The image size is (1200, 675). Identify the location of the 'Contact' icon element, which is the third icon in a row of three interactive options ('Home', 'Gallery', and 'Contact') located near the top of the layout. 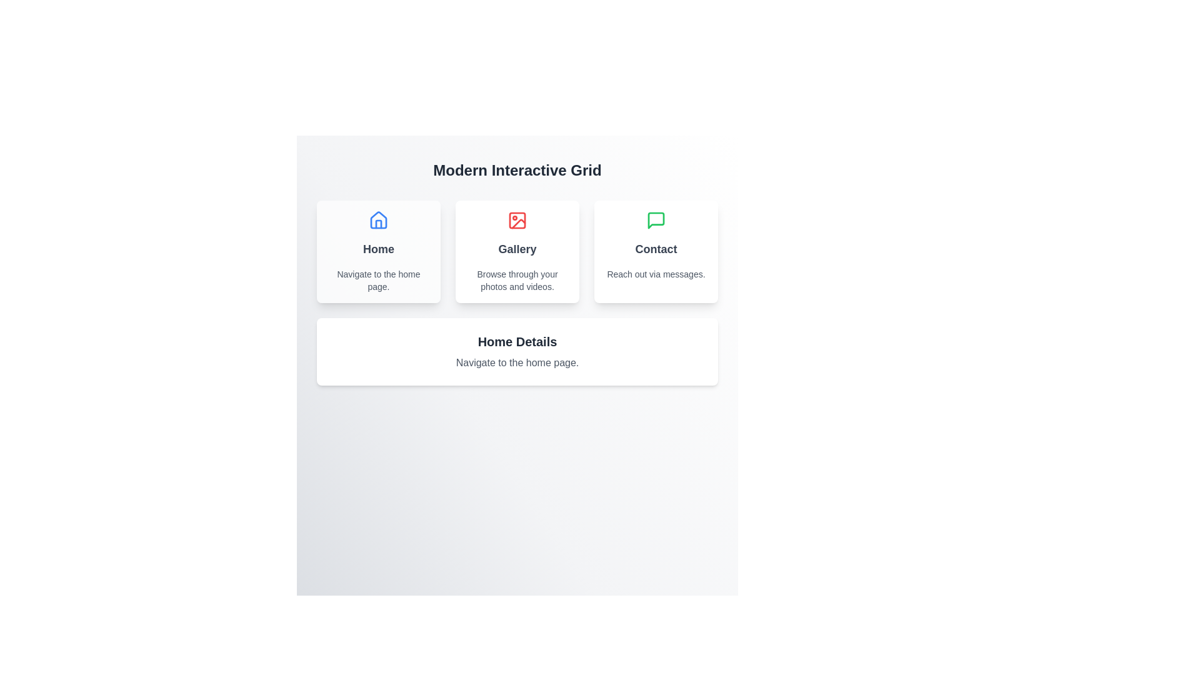
(656, 220).